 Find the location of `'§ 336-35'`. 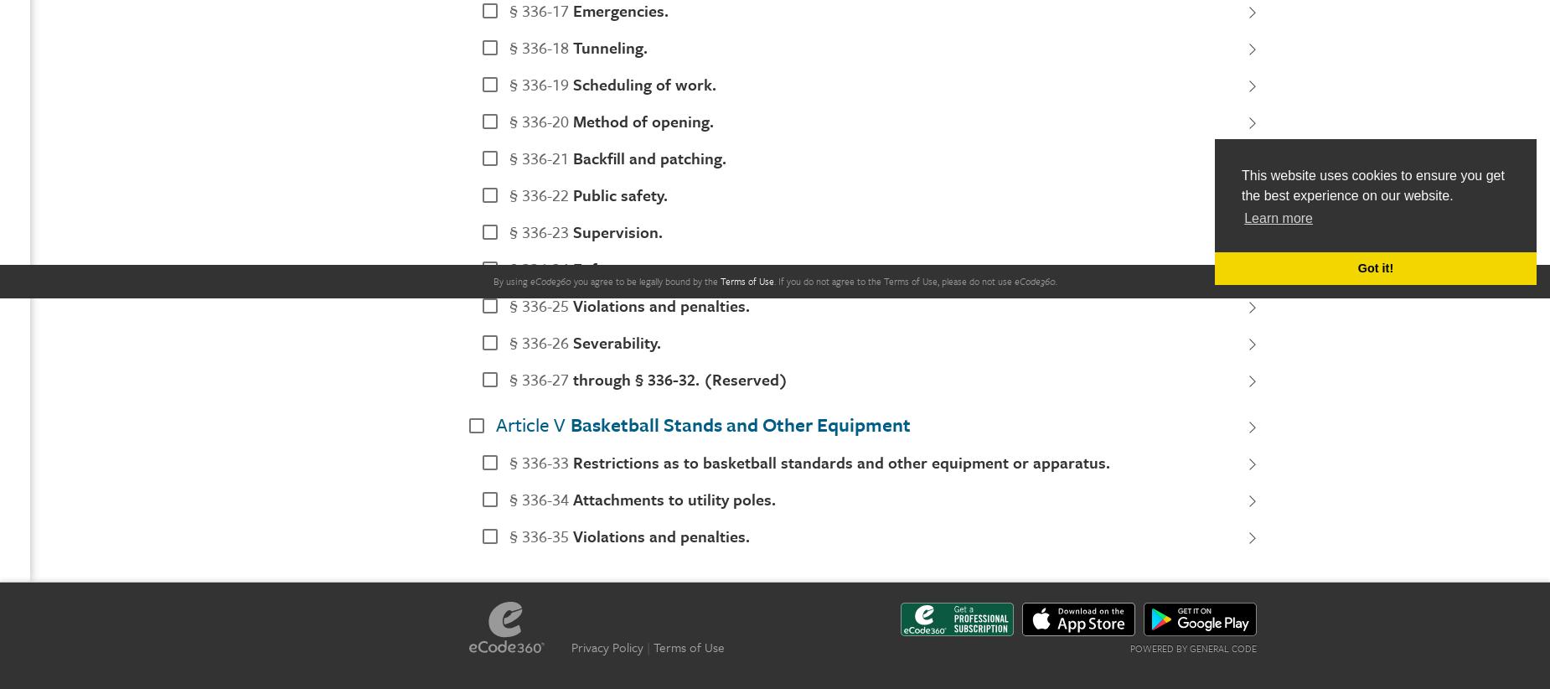

'§ 336-35' is located at coordinates (539, 535).